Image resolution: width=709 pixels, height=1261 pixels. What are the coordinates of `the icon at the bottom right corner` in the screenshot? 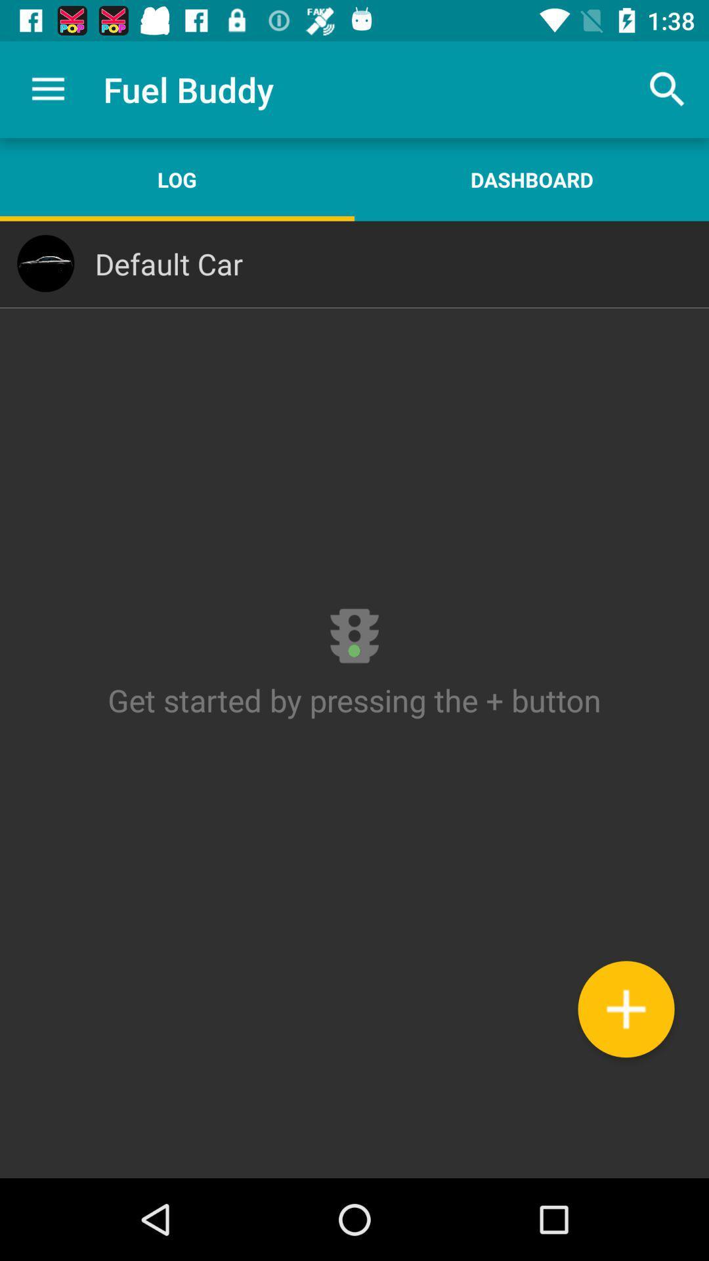 It's located at (625, 1008).